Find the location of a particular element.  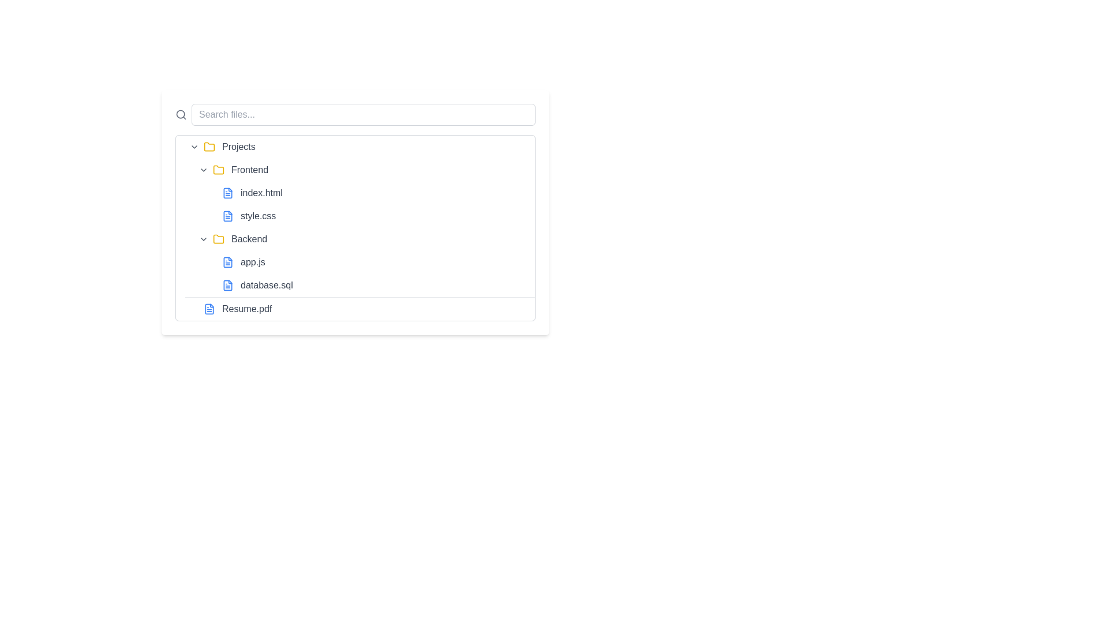

the icon representing the 'index.html' file located is located at coordinates (227, 193).